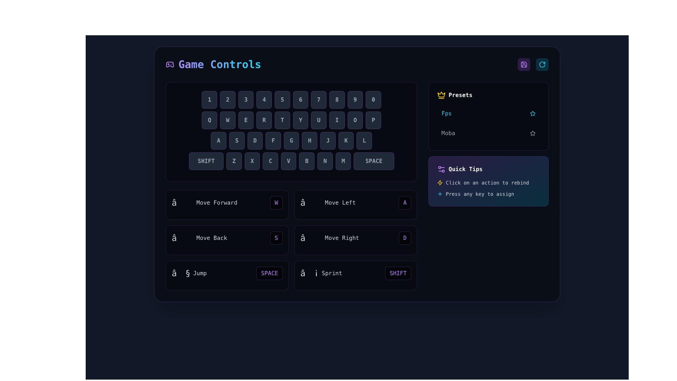 The width and height of the screenshot is (677, 381). I want to click on the numeral '0' button located at the top-right corner of the interface, which is the last button in a row of number keys, so click(373, 99).